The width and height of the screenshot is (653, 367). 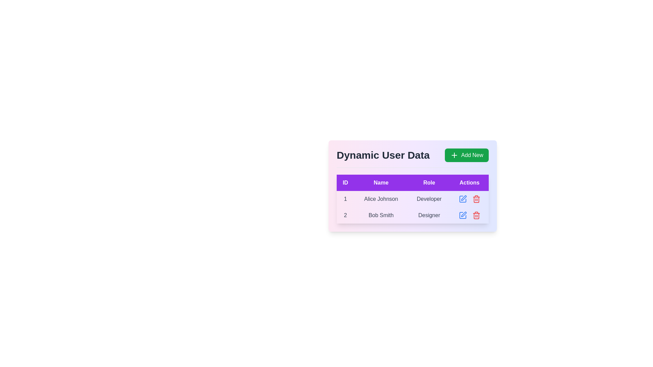 What do you see at coordinates (381, 199) in the screenshot?
I see `the text label displaying 'Alice Johnson', which is located in the 'Name' column of the table, positioned between '1' and 'Developer'` at bounding box center [381, 199].